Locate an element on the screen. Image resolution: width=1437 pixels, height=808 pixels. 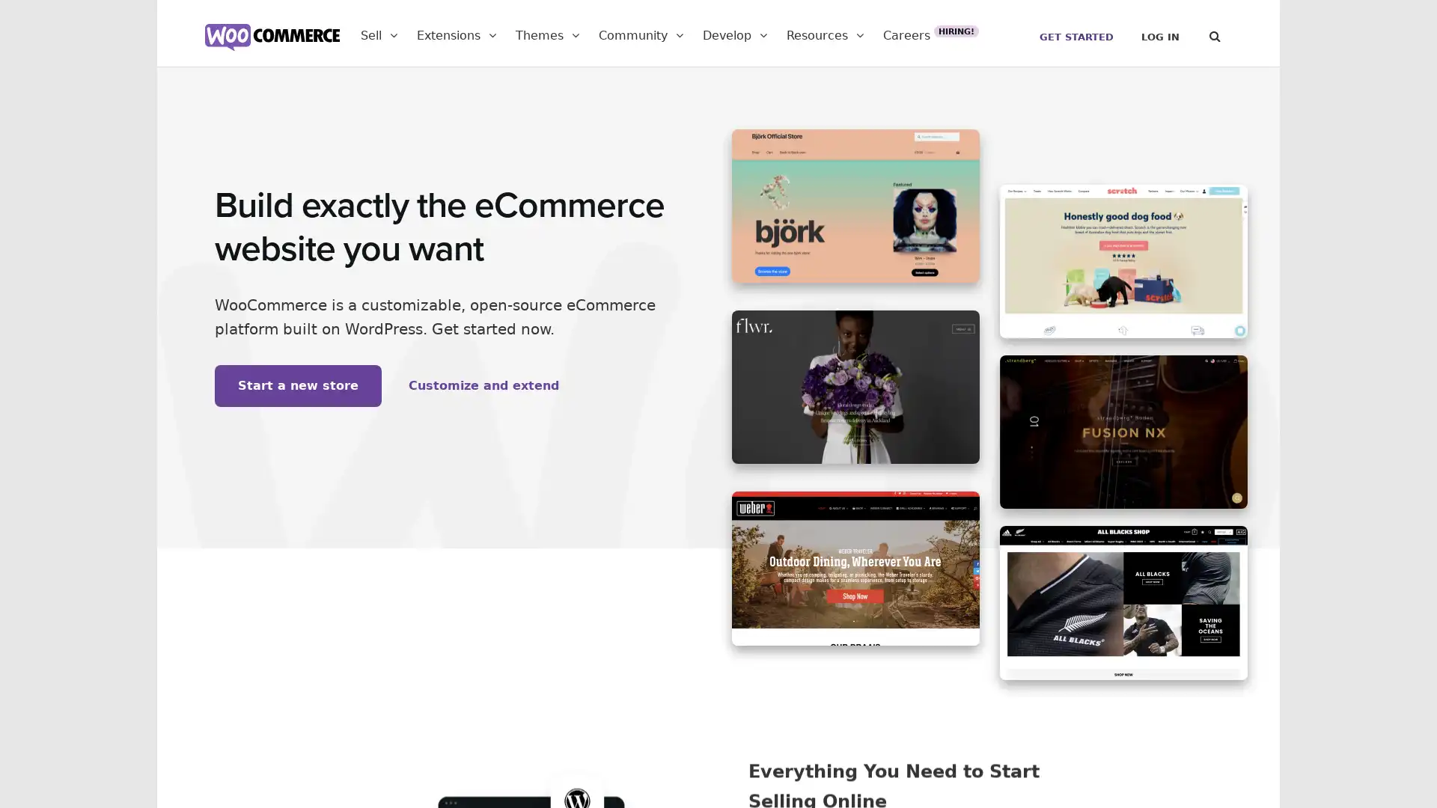
Search is located at coordinates (1215, 36).